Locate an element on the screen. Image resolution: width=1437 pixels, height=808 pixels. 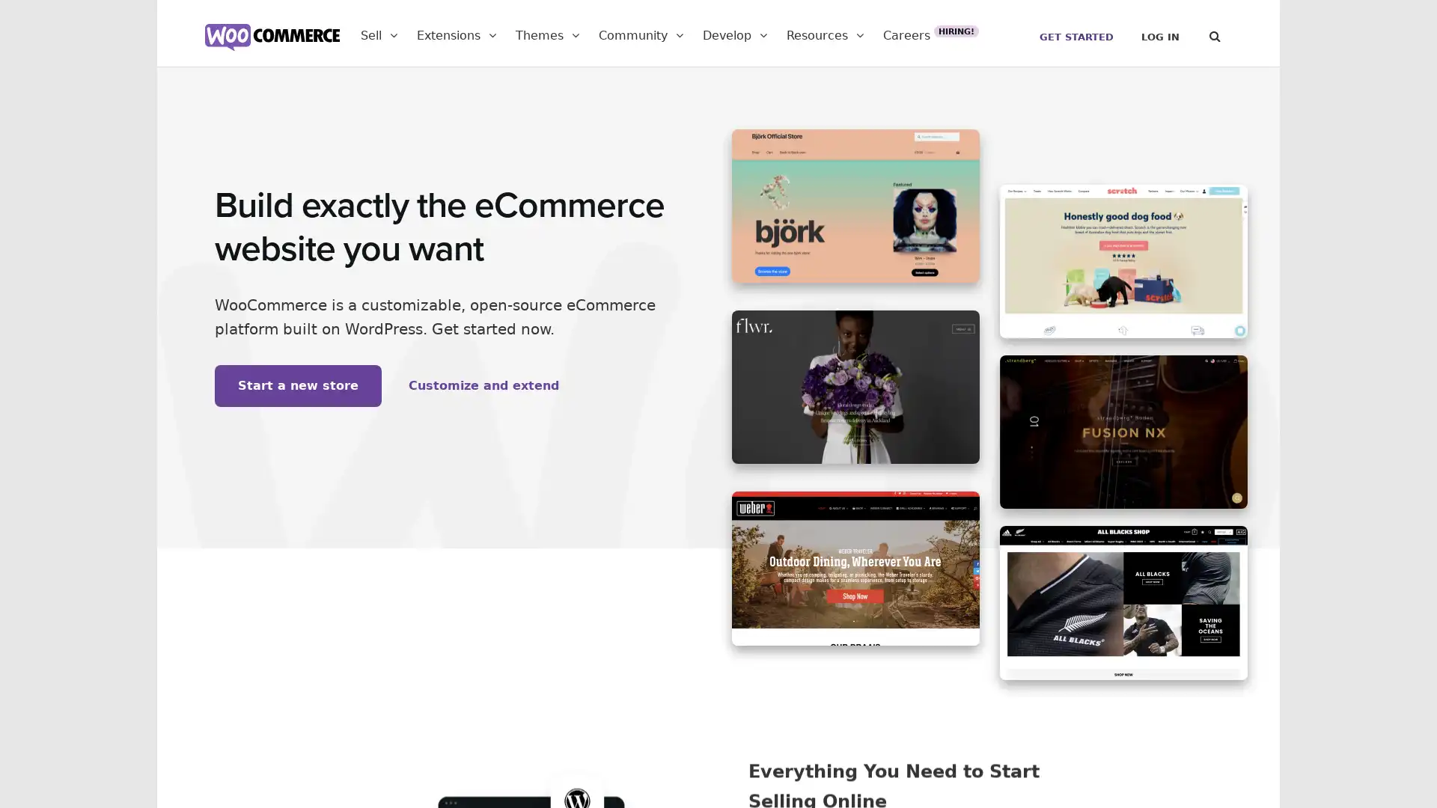
Search is located at coordinates (1215, 36).